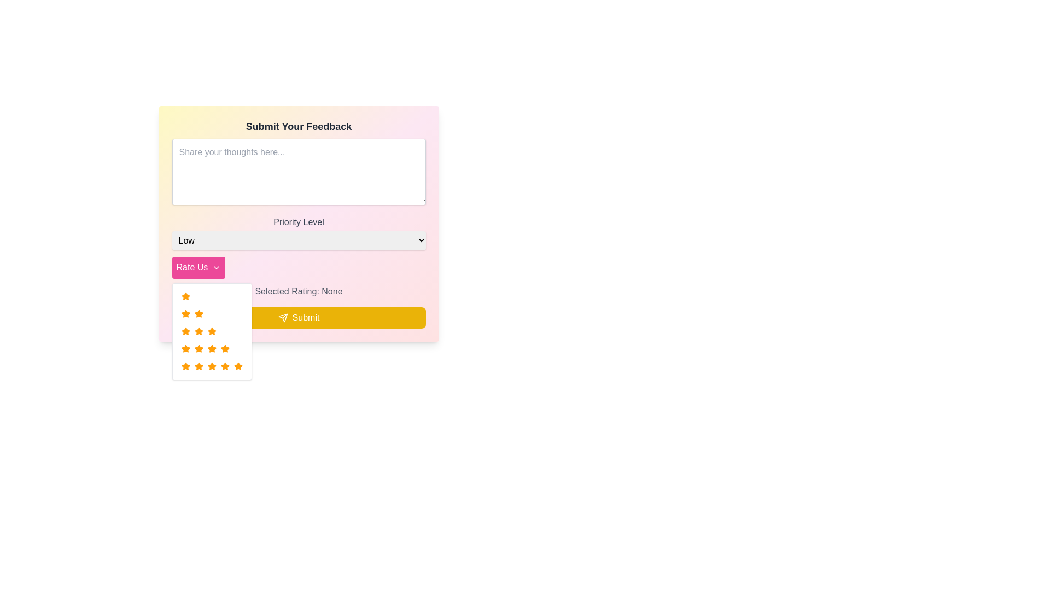  What do you see at coordinates (237, 366) in the screenshot?
I see `the last star in the rating stars grid within the dropdown menu under the 'Rate Us' button` at bounding box center [237, 366].